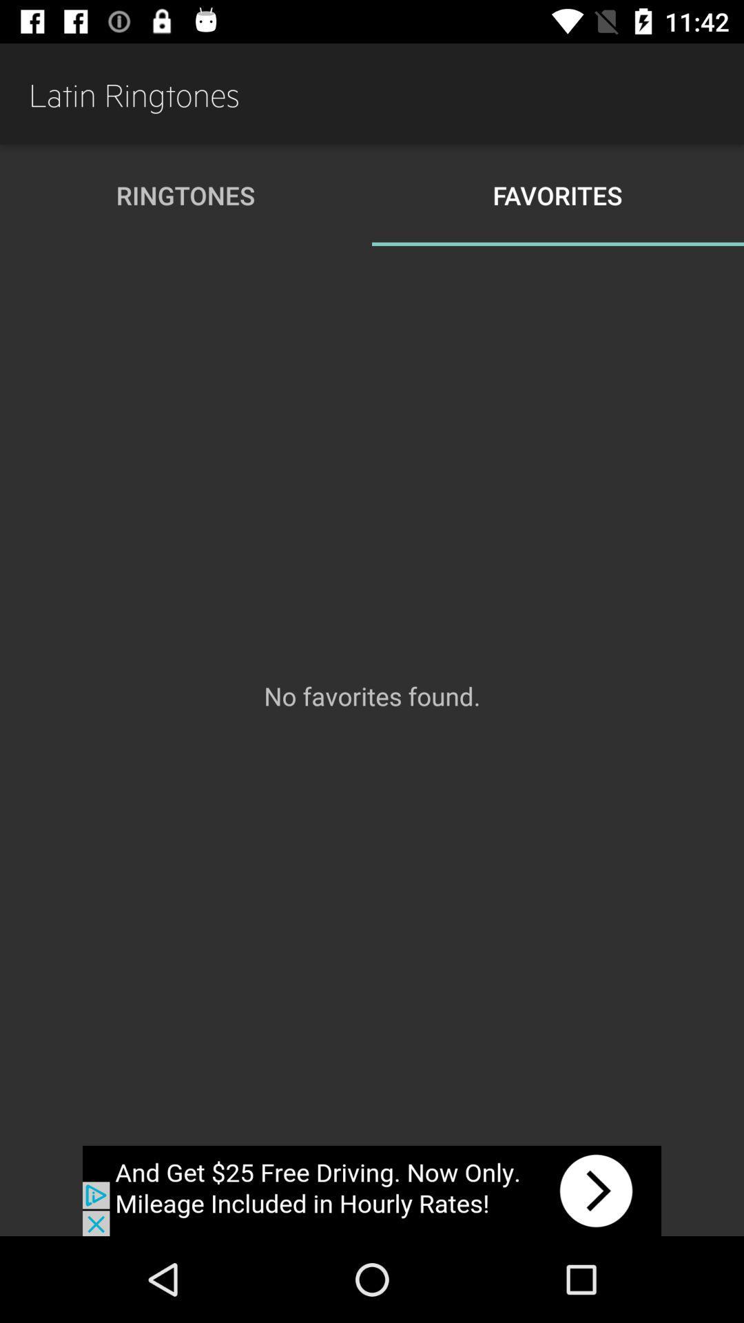 The image size is (744, 1323). What do you see at coordinates (372, 1190) in the screenshot?
I see `opens advertisement` at bounding box center [372, 1190].